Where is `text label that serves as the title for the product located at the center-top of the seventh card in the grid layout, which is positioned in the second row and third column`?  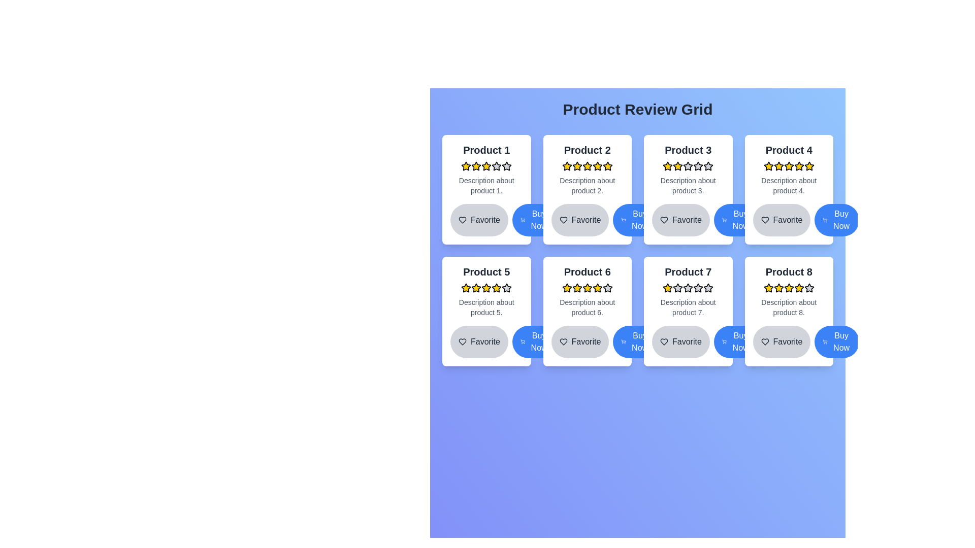
text label that serves as the title for the product located at the center-top of the seventh card in the grid layout, which is positioned in the second row and third column is located at coordinates (688, 271).